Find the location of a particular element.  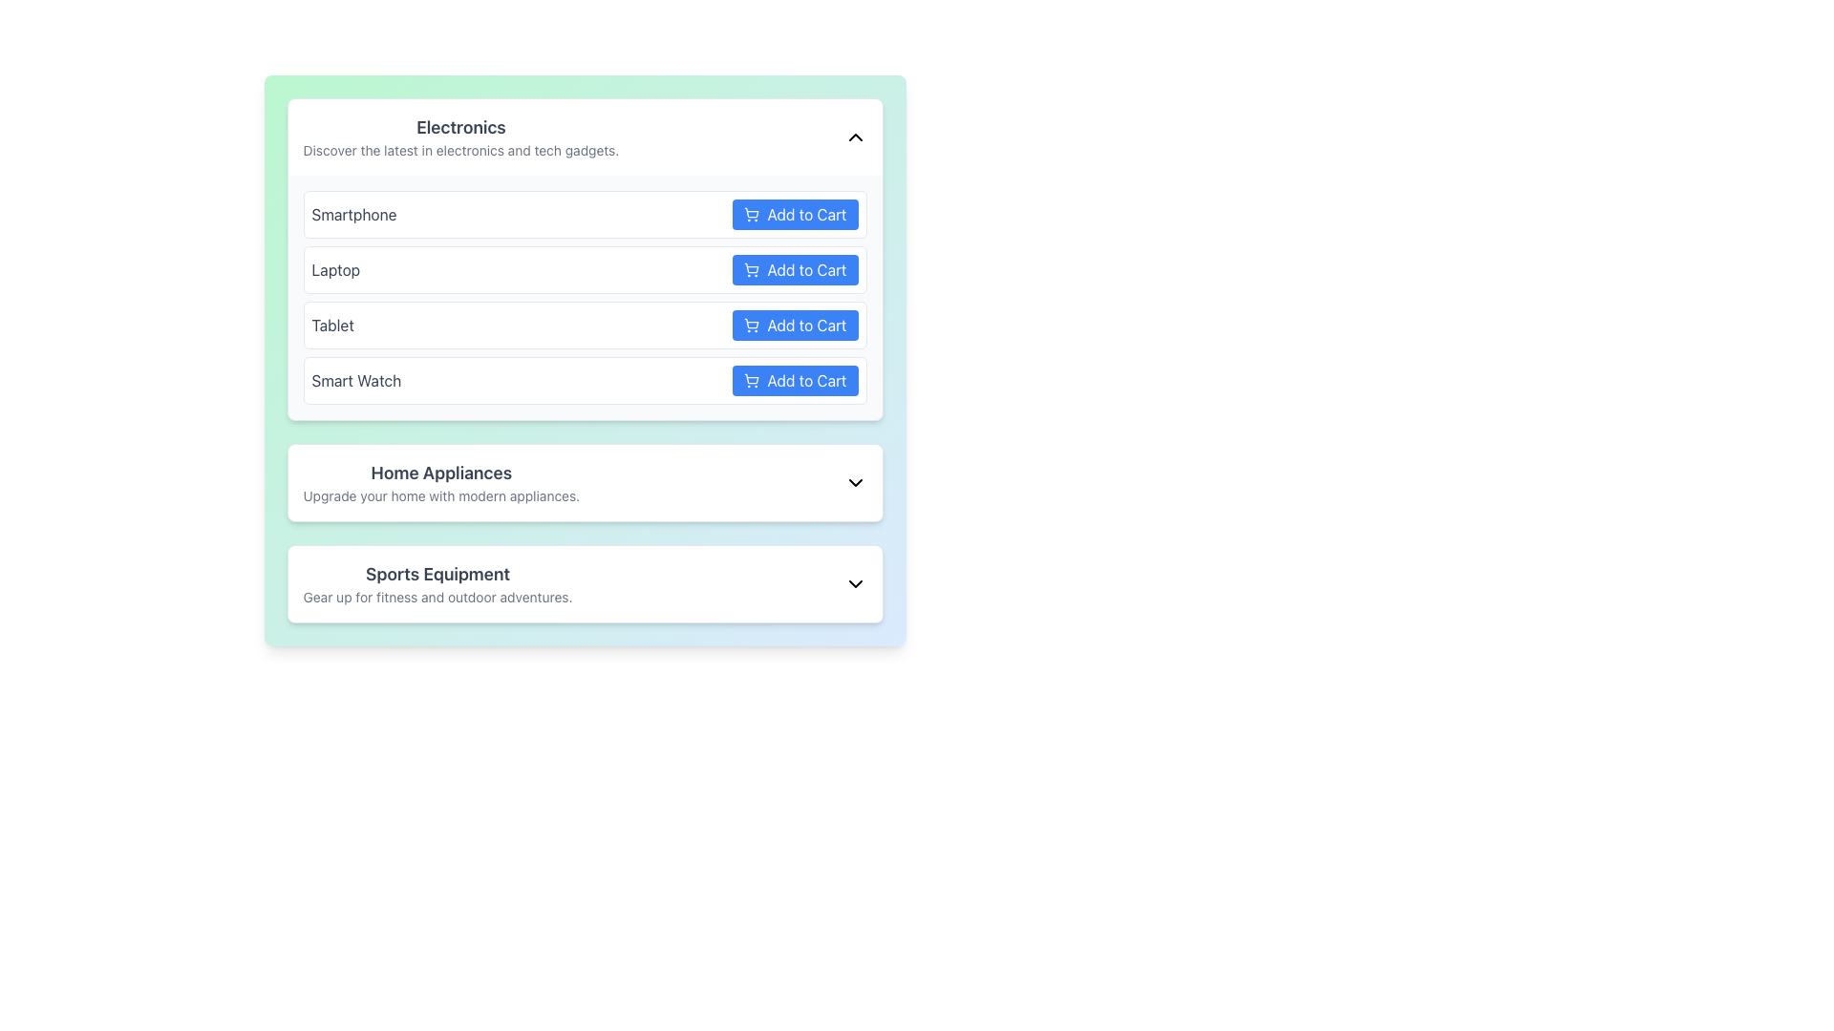

the button is located at coordinates (795, 269).